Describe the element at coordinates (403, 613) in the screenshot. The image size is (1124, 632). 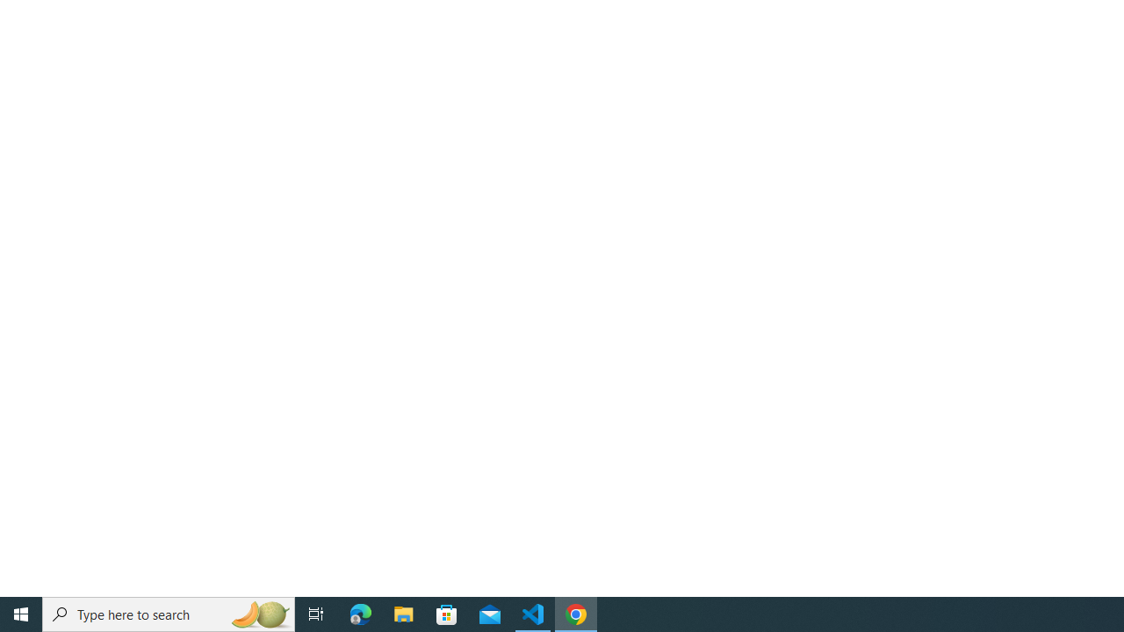
I see `'File Explorer'` at that location.